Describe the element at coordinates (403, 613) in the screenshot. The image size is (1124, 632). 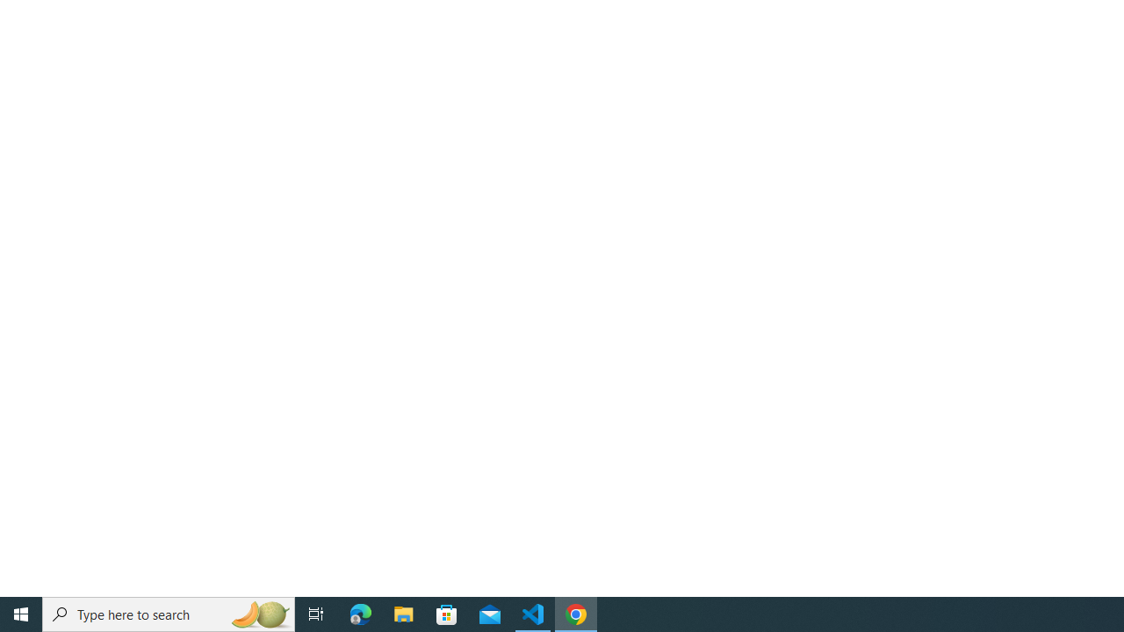
I see `'File Explorer'` at that location.